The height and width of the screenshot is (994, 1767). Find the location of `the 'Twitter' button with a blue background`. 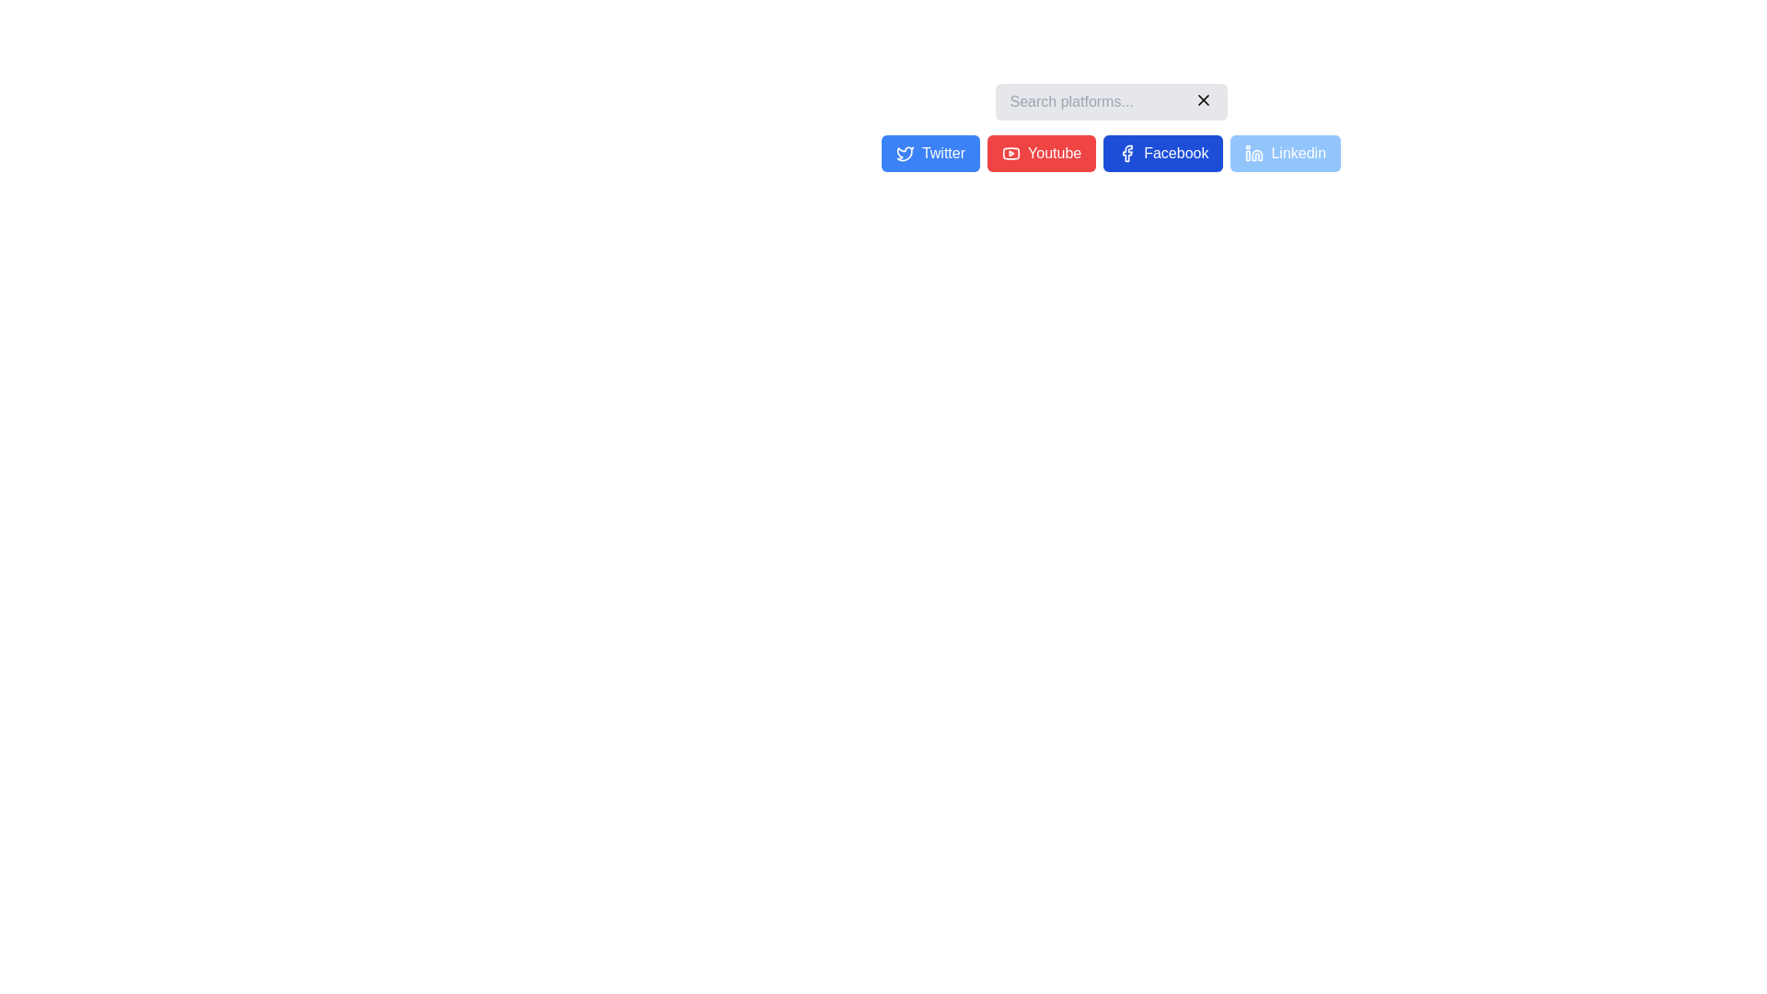

the 'Twitter' button with a blue background is located at coordinates (1110, 152).